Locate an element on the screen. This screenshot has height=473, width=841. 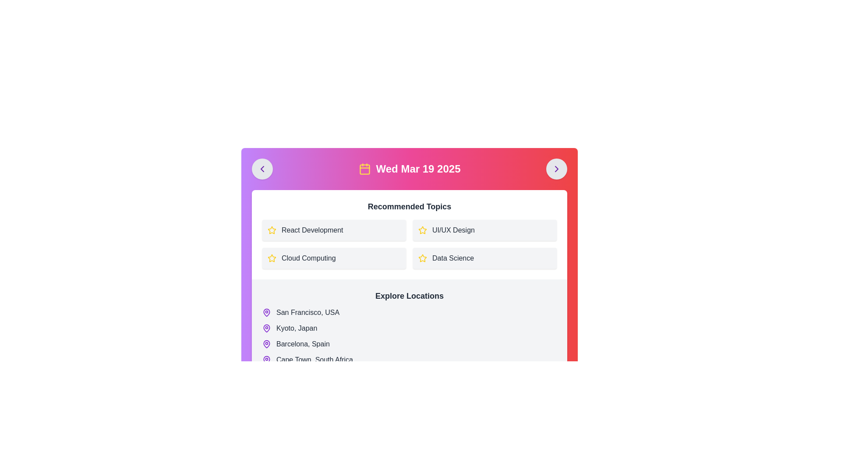
the text label displaying 'Cloud Computing' located below the 'React Development' element in the 'Recommended Topics' section is located at coordinates (308, 258).